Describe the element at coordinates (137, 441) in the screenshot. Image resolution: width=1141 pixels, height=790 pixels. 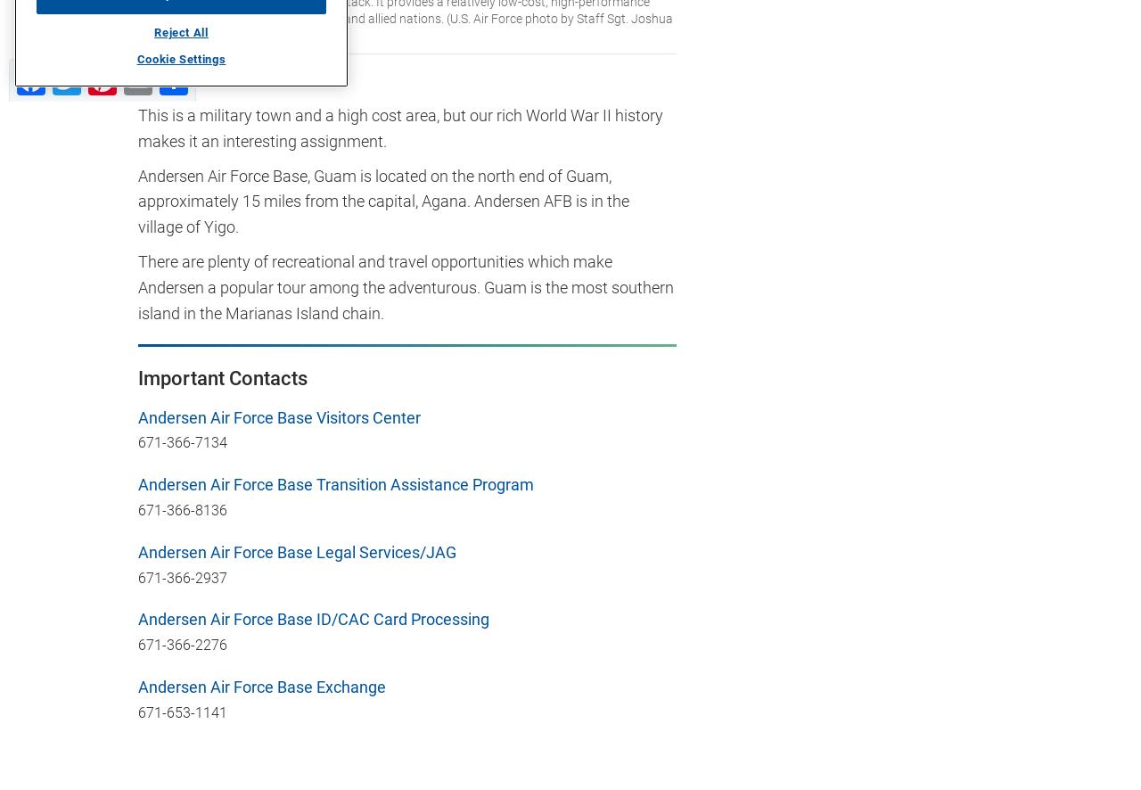
I see `'671-366-7134'` at that location.